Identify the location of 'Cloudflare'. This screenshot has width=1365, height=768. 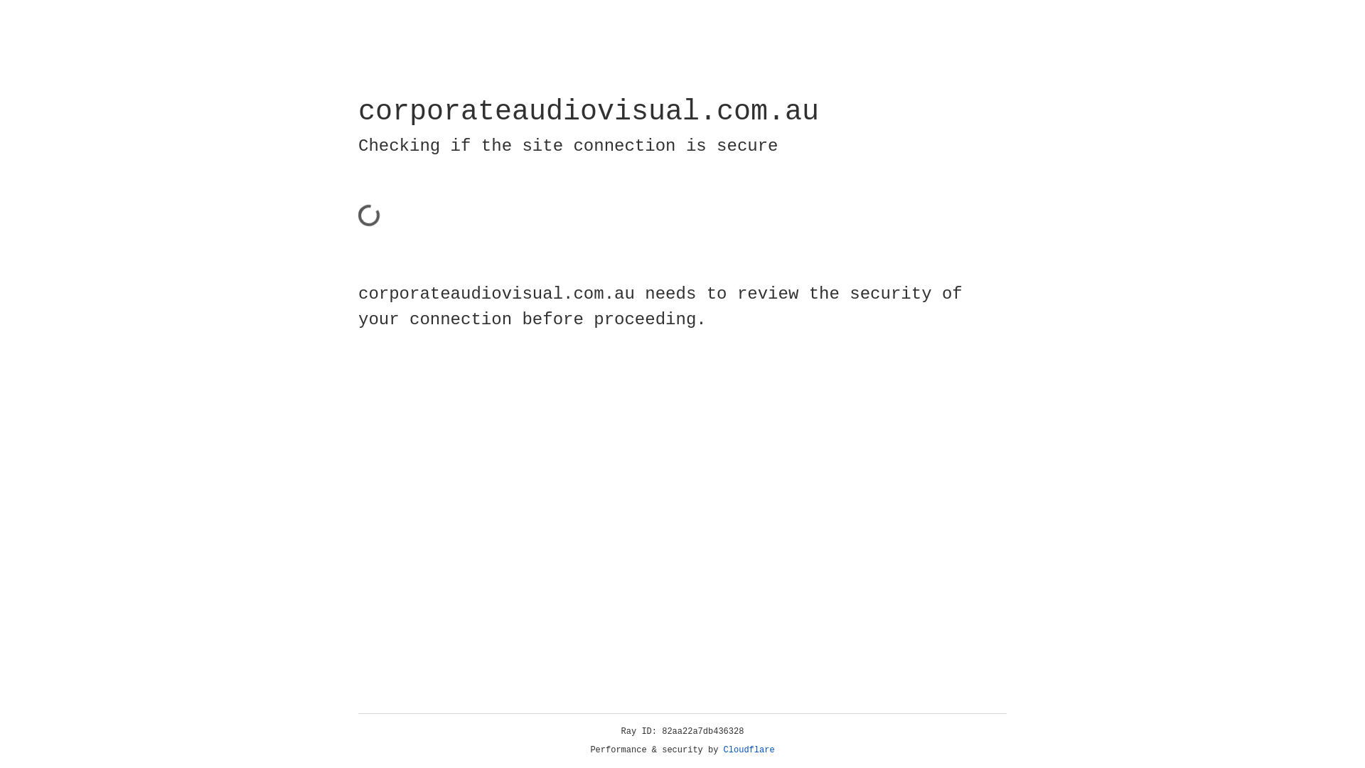
(749, 750).